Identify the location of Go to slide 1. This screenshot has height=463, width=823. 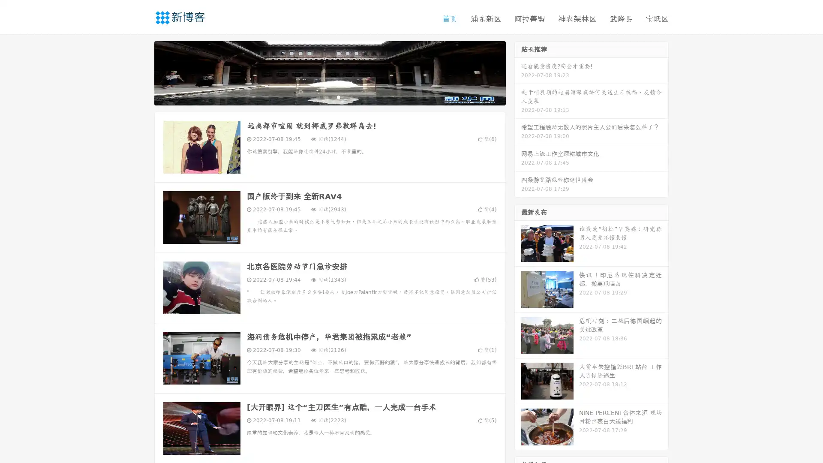
(321, 96).